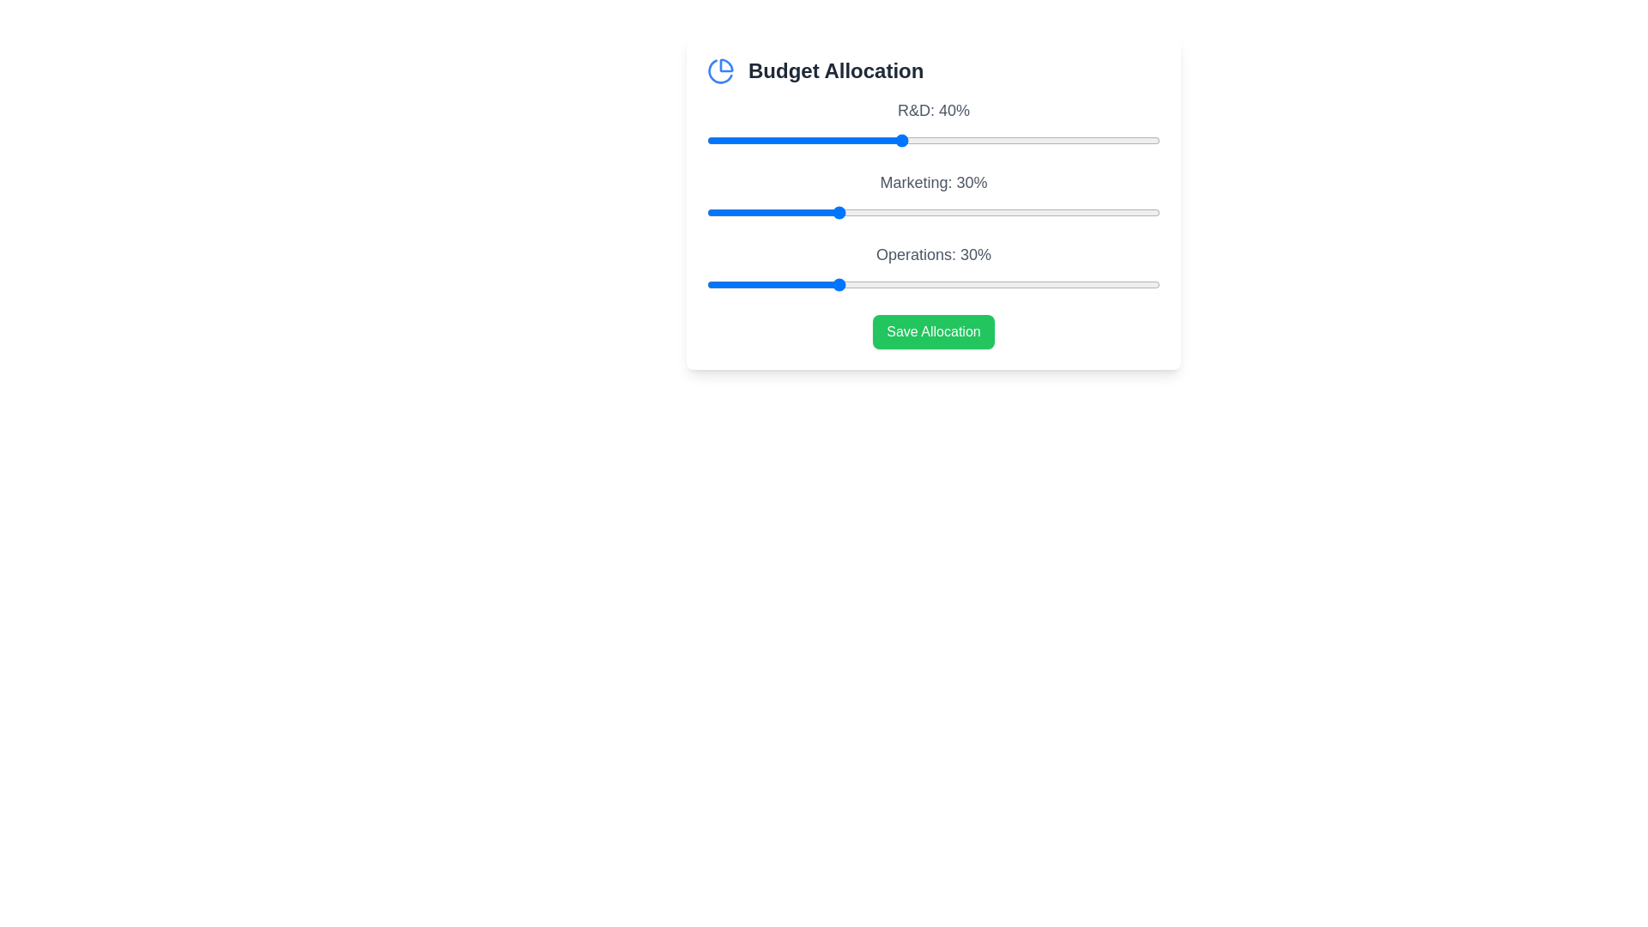 The image size is (1648, 927). I want to click on the 'Marketing' slider to allocate 39% budget, so click(894, 211).